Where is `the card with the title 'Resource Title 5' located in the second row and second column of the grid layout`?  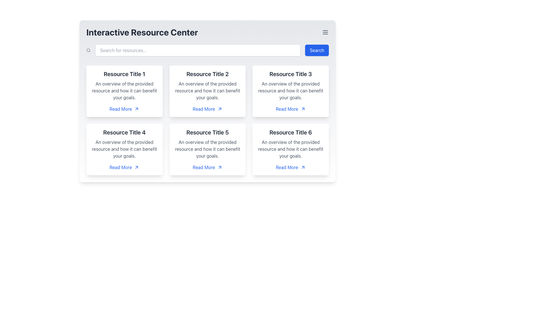
the card with the title 'Resource Title 5' located in the second row and second column of the grid layout is located at coordinates (207, 149).